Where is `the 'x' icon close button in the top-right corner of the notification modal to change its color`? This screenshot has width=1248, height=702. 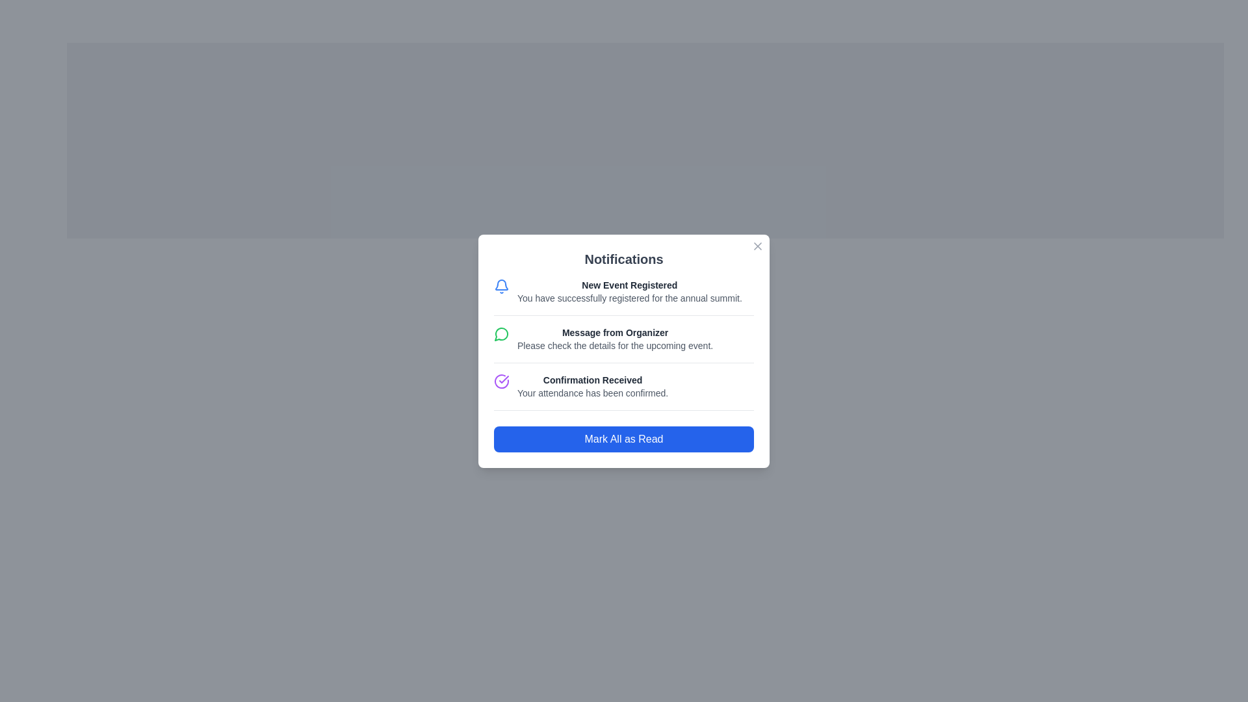 the 'x' icon close button in the top-right corner of the notification modal to change its color is located at coordinates (758, 246).